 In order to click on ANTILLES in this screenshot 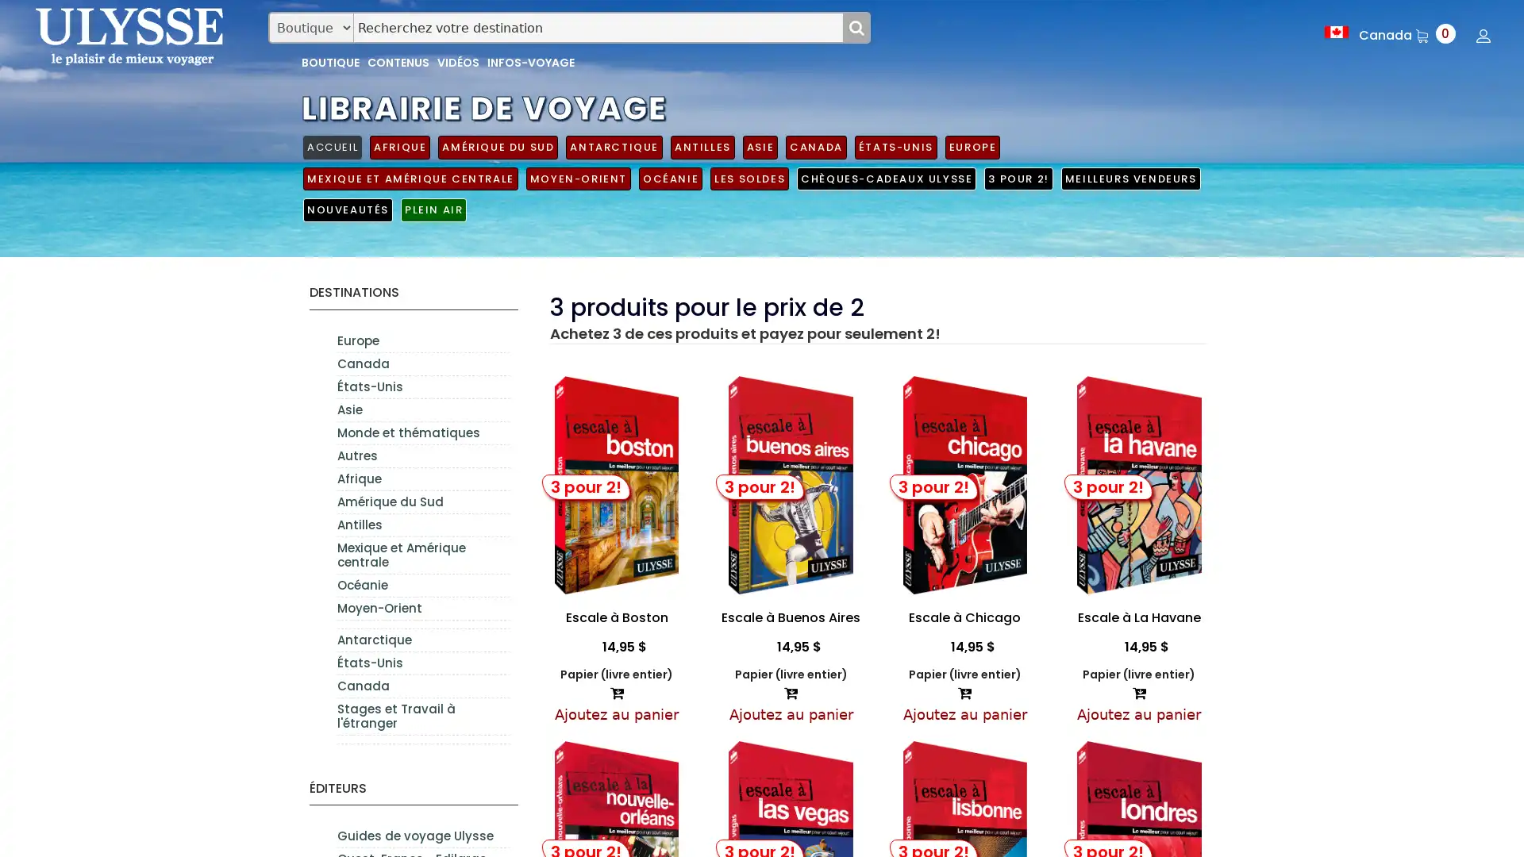, I will do `click(701, 147)`.